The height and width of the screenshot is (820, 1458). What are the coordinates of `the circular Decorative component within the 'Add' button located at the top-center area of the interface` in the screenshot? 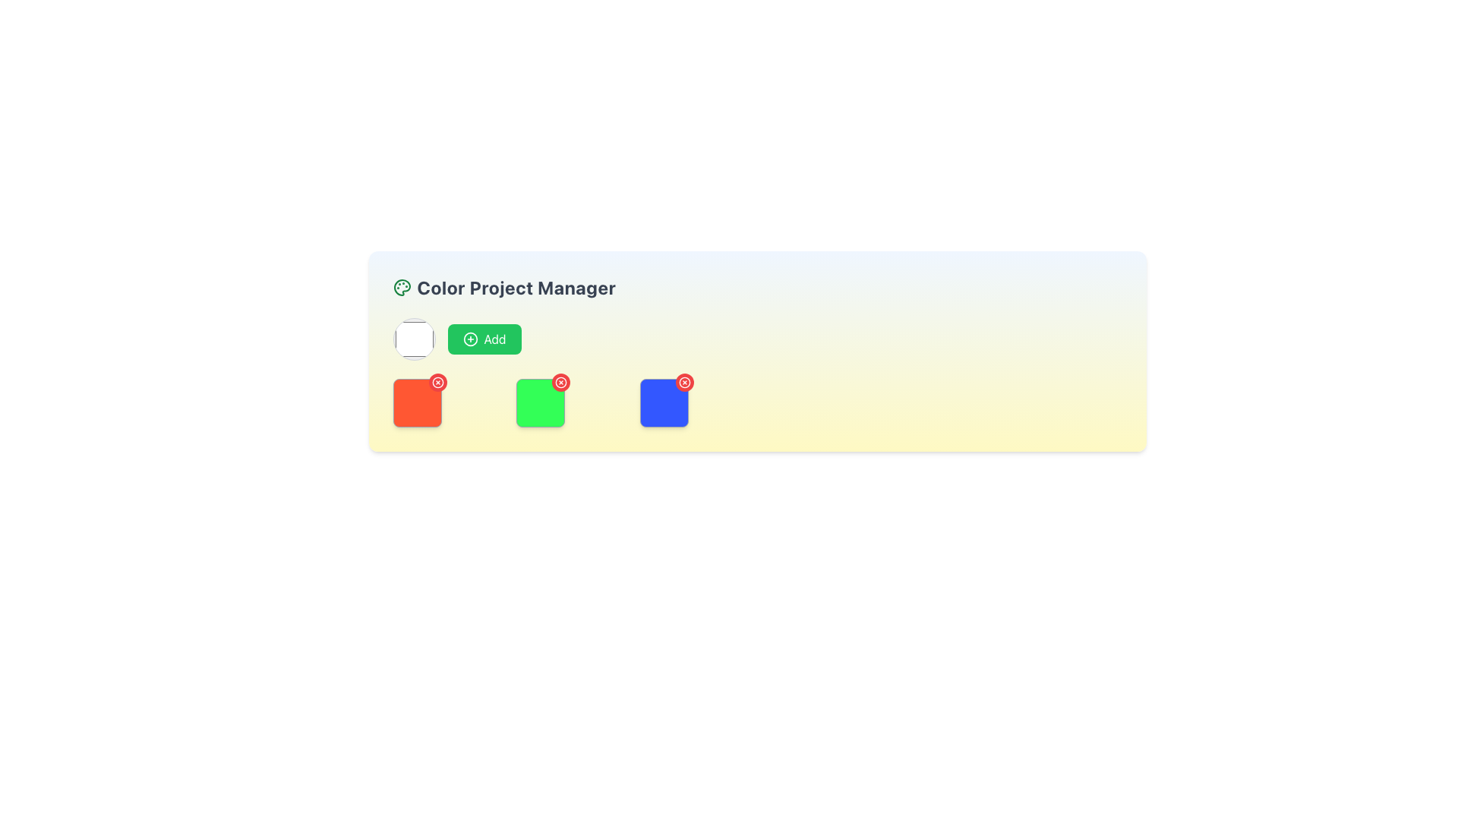 It's located at (469, 339).